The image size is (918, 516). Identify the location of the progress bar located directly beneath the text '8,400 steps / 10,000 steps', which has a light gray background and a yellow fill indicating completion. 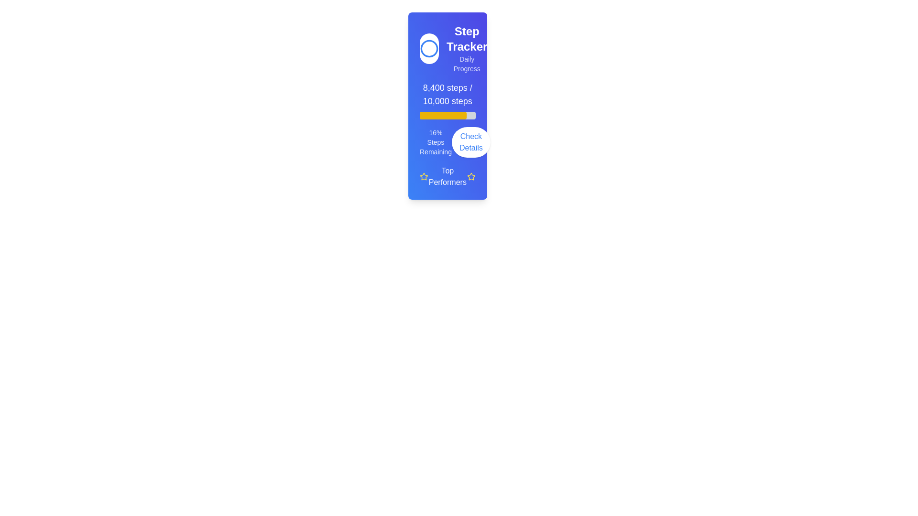
(447, 115).